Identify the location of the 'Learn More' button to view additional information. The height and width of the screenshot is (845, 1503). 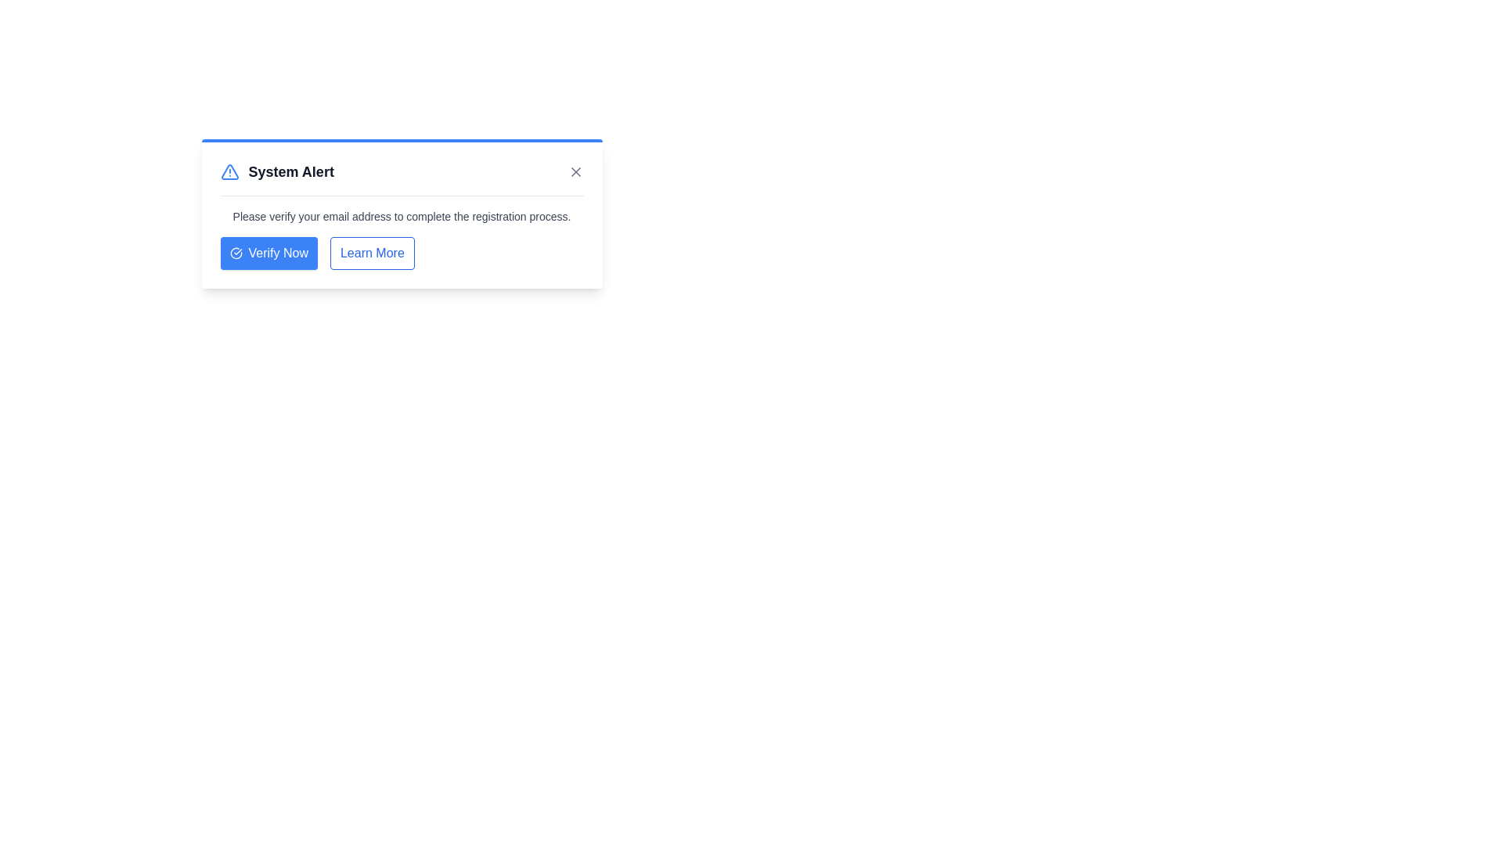
(371, 253).